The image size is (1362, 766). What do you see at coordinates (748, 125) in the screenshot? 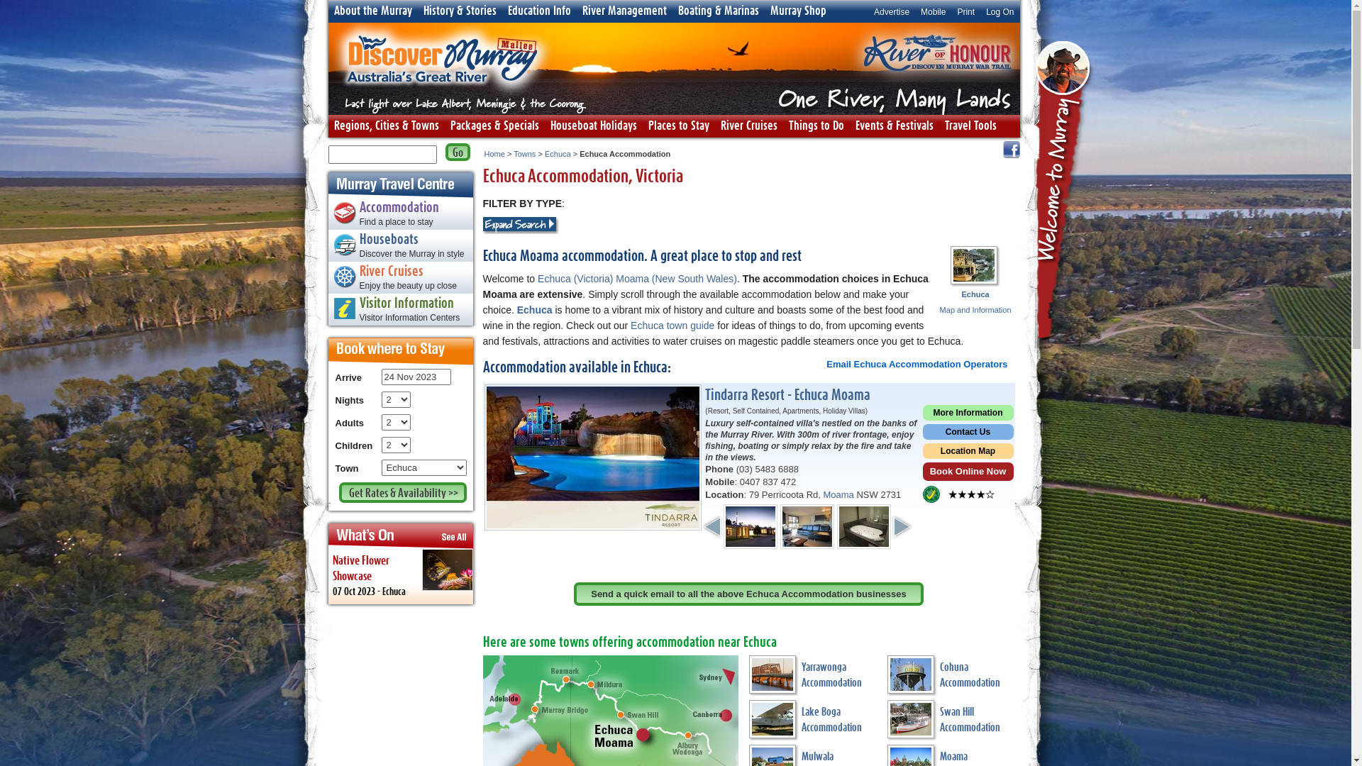
I see `'River Cruises'` at bounding box center [748, 125].